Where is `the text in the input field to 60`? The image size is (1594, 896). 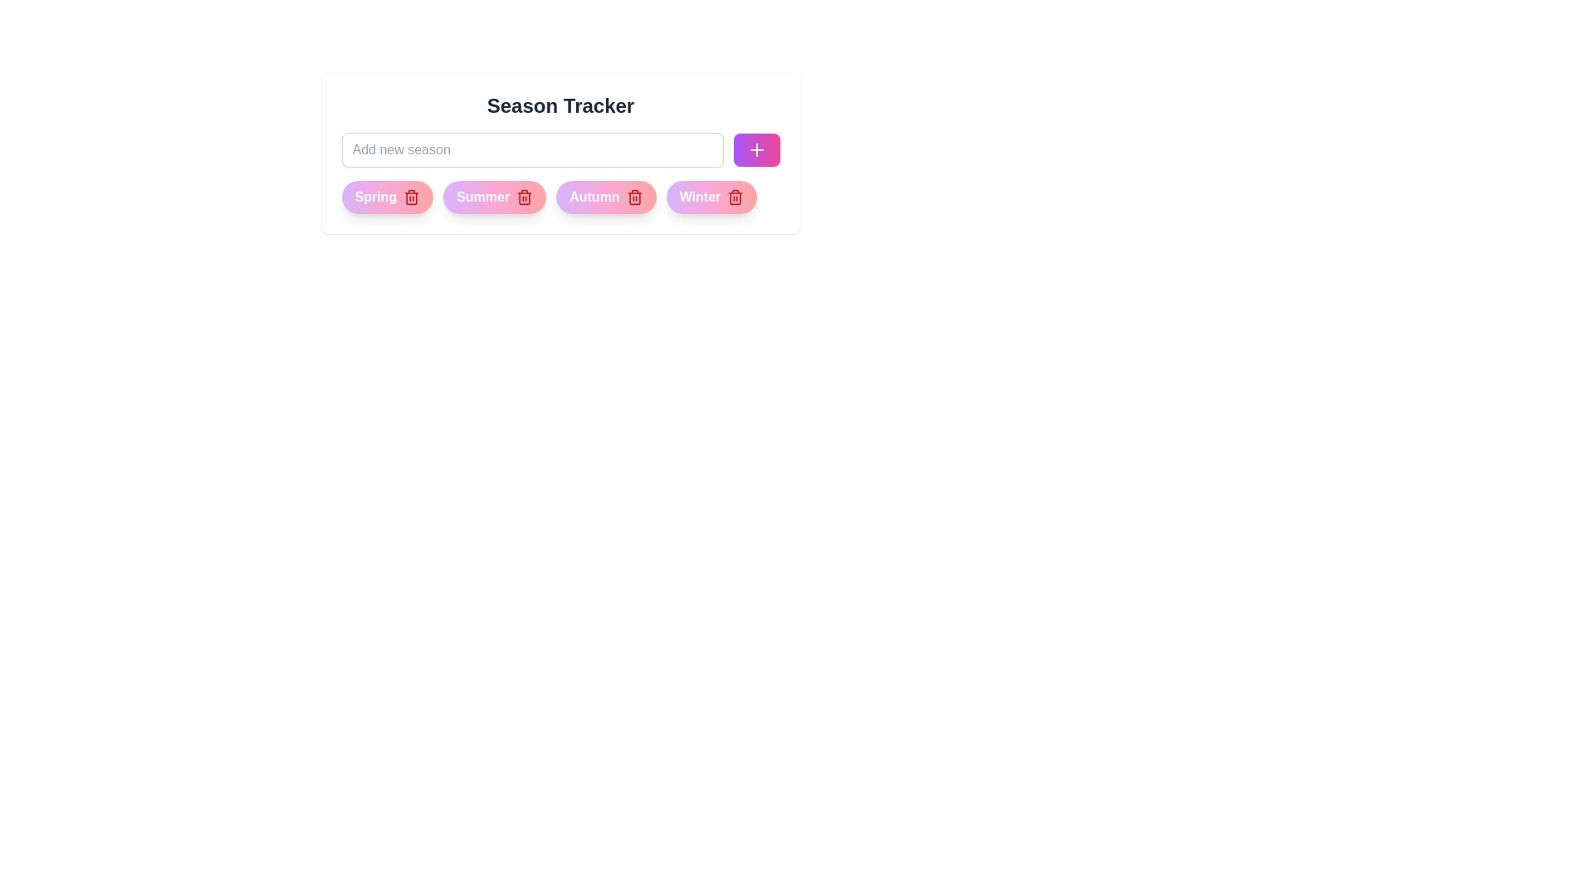 the text in the input field to 60 is located at coordinates (532, 150).